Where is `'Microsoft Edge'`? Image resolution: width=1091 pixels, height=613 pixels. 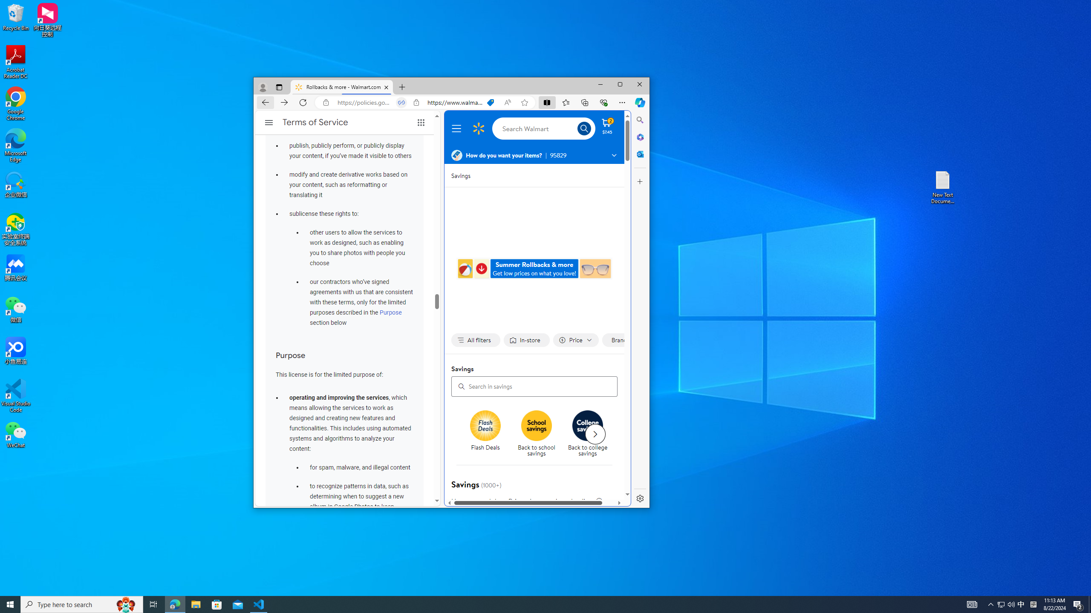 'Microsoft Edge' is located at coordinates (15, 145).